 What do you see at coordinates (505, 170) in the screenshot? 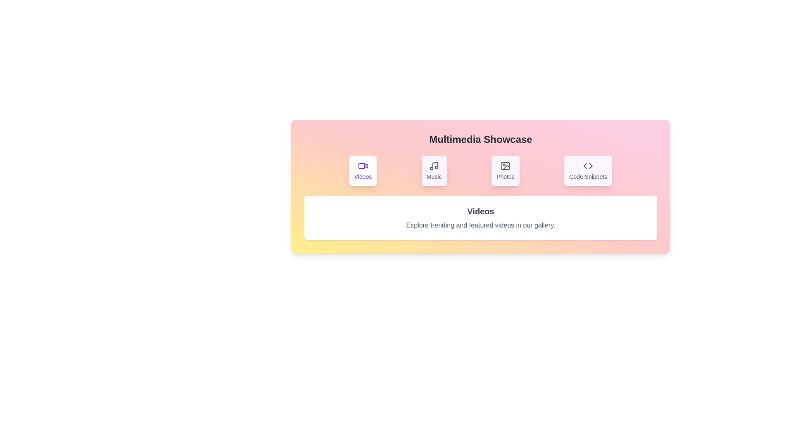
I see `the tab labeled Photos to switch the content` at bounding box center [505, 170].